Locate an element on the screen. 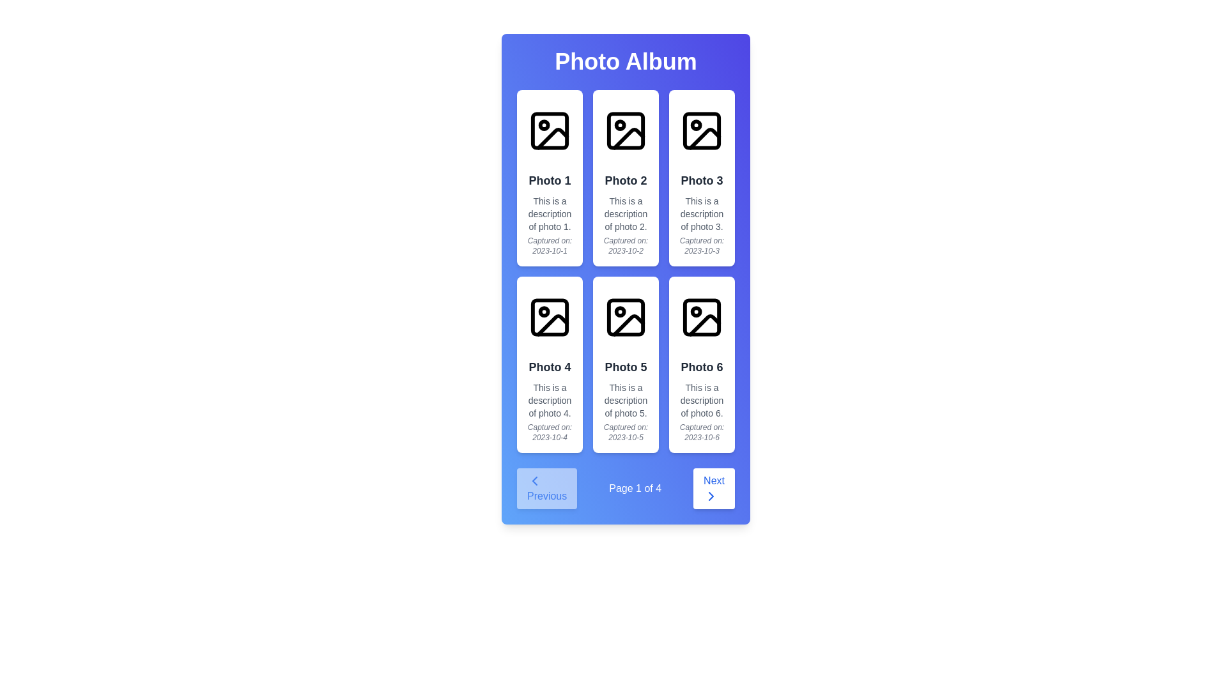 The image size is (1227, 690). the text label styled in small italic font, colored light gray, containing the text 'Captured on: 2023-10-2', located at the bottom of the 'Photo 2' card is located at coordinates (626, 246).